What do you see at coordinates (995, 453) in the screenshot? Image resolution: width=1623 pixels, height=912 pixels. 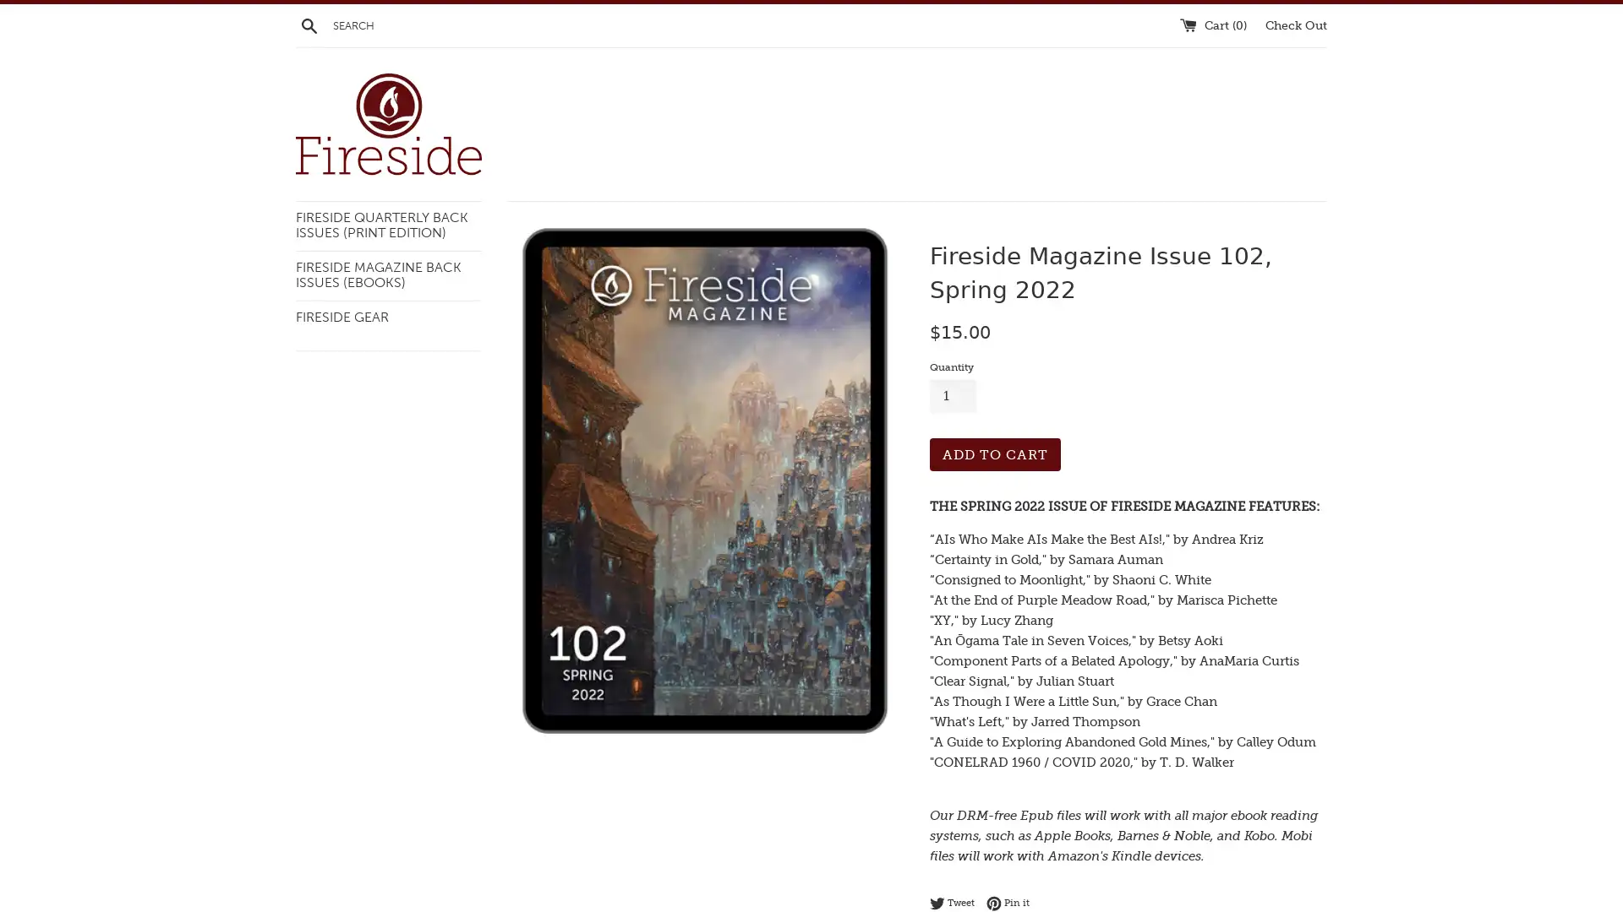 I see `ADD TO CART` at bounding box center [995, 453].